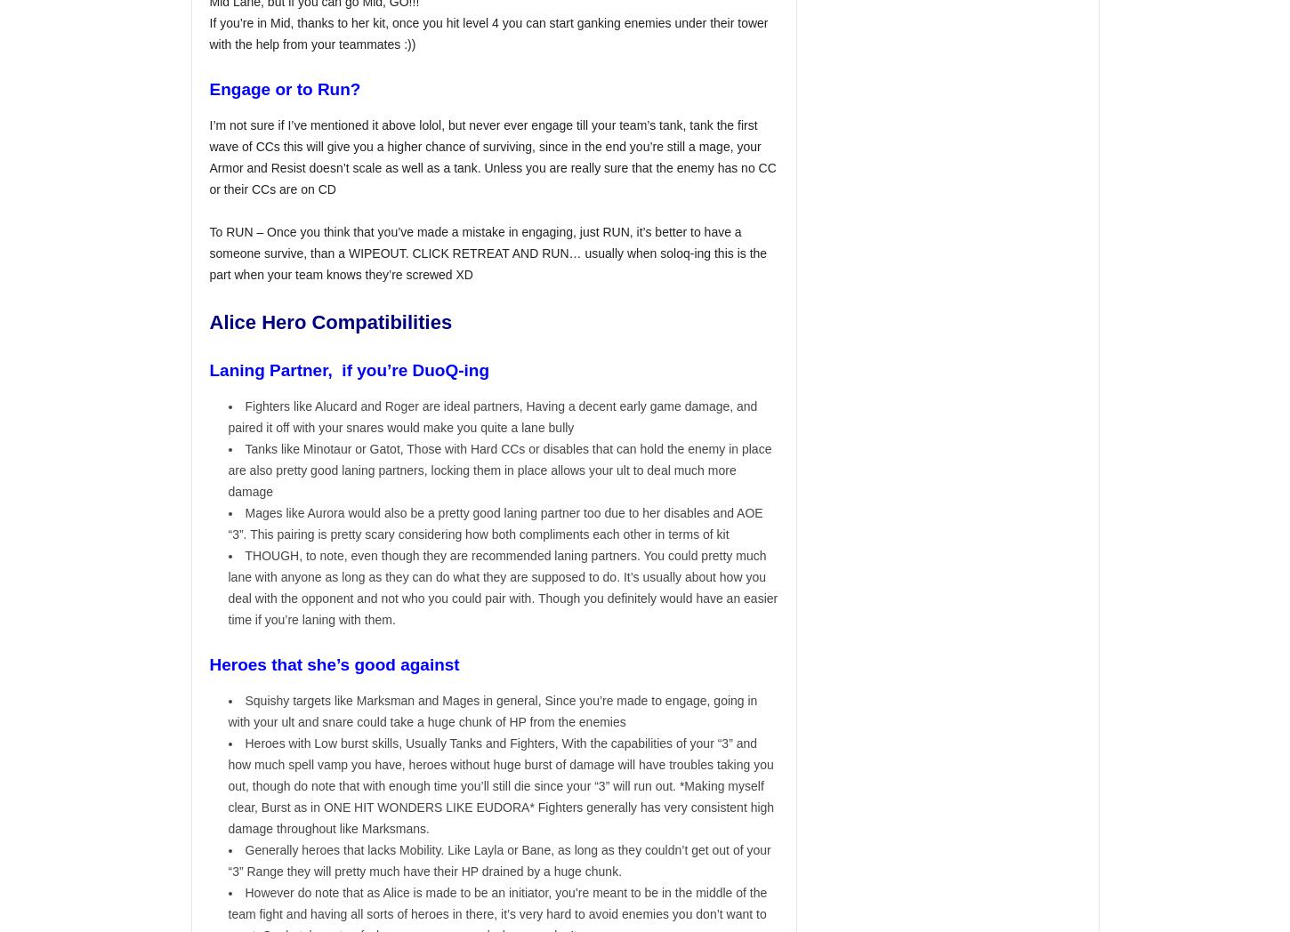  What do you see at coordinates (336, 322) in the screenshot?
I see `'Alice Hero Compatibilities'` at bounding box center [336, 322].